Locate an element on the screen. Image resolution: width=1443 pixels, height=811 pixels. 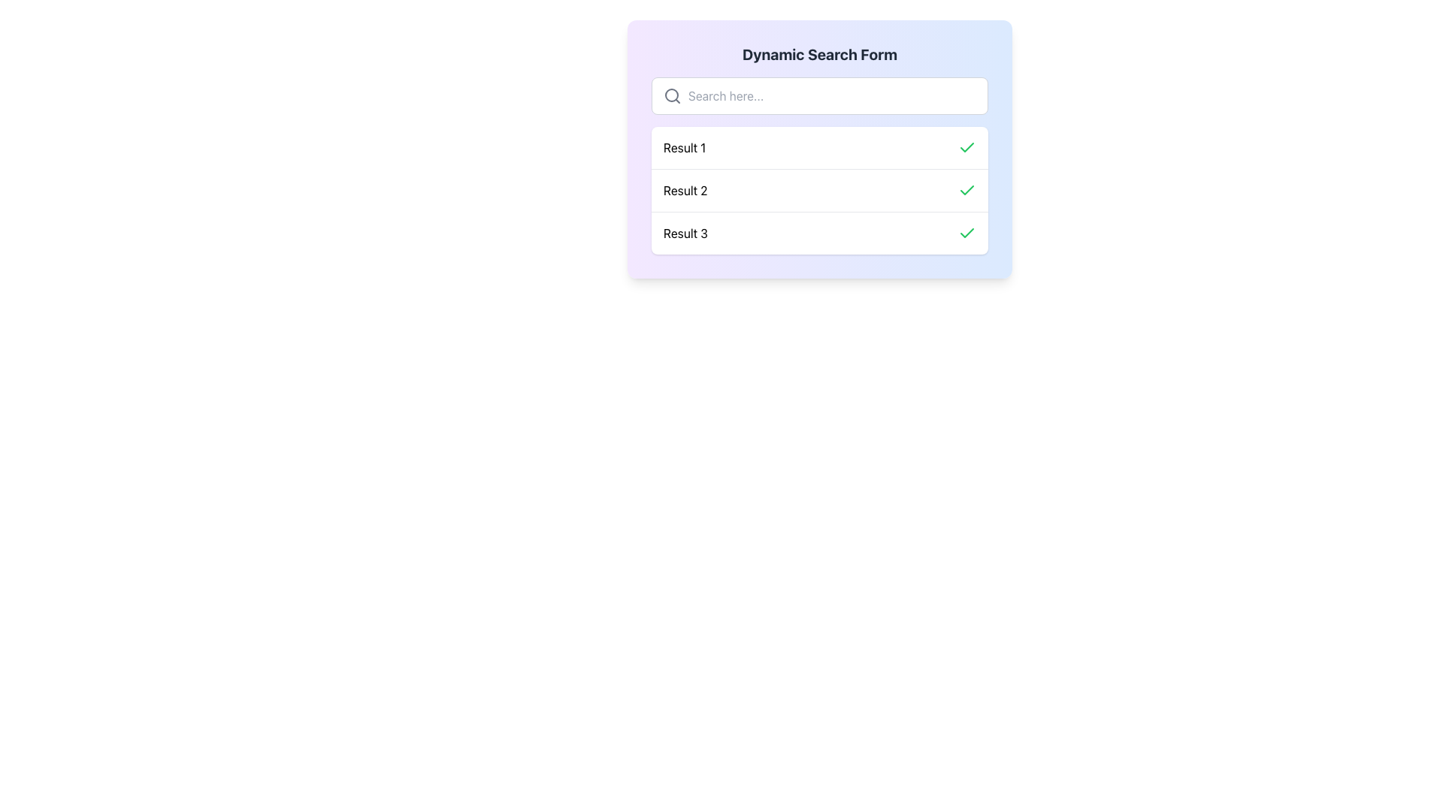
the inner circle of the search icon, represented as a Decorative SVG circle, indicating its usage for searching functionality is located at coordinates (670, 95).